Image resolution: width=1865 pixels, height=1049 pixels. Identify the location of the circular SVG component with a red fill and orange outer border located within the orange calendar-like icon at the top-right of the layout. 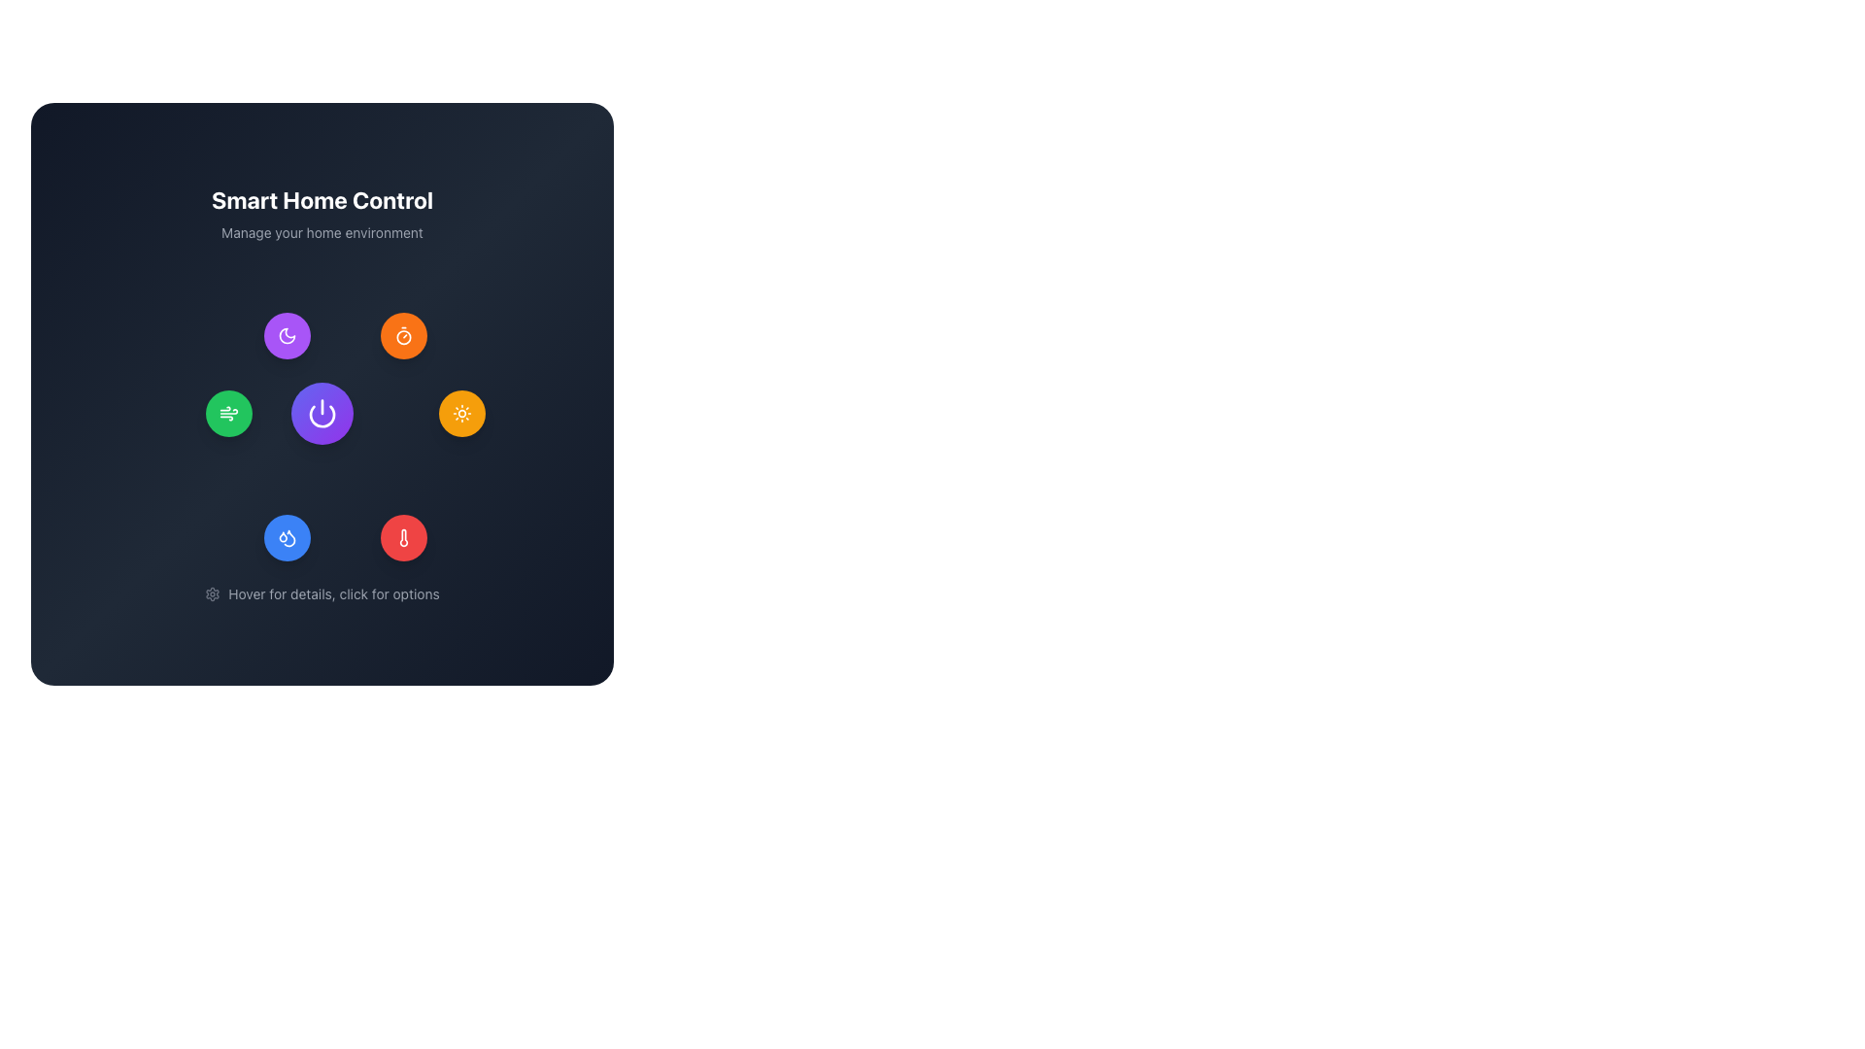
(403, 336).